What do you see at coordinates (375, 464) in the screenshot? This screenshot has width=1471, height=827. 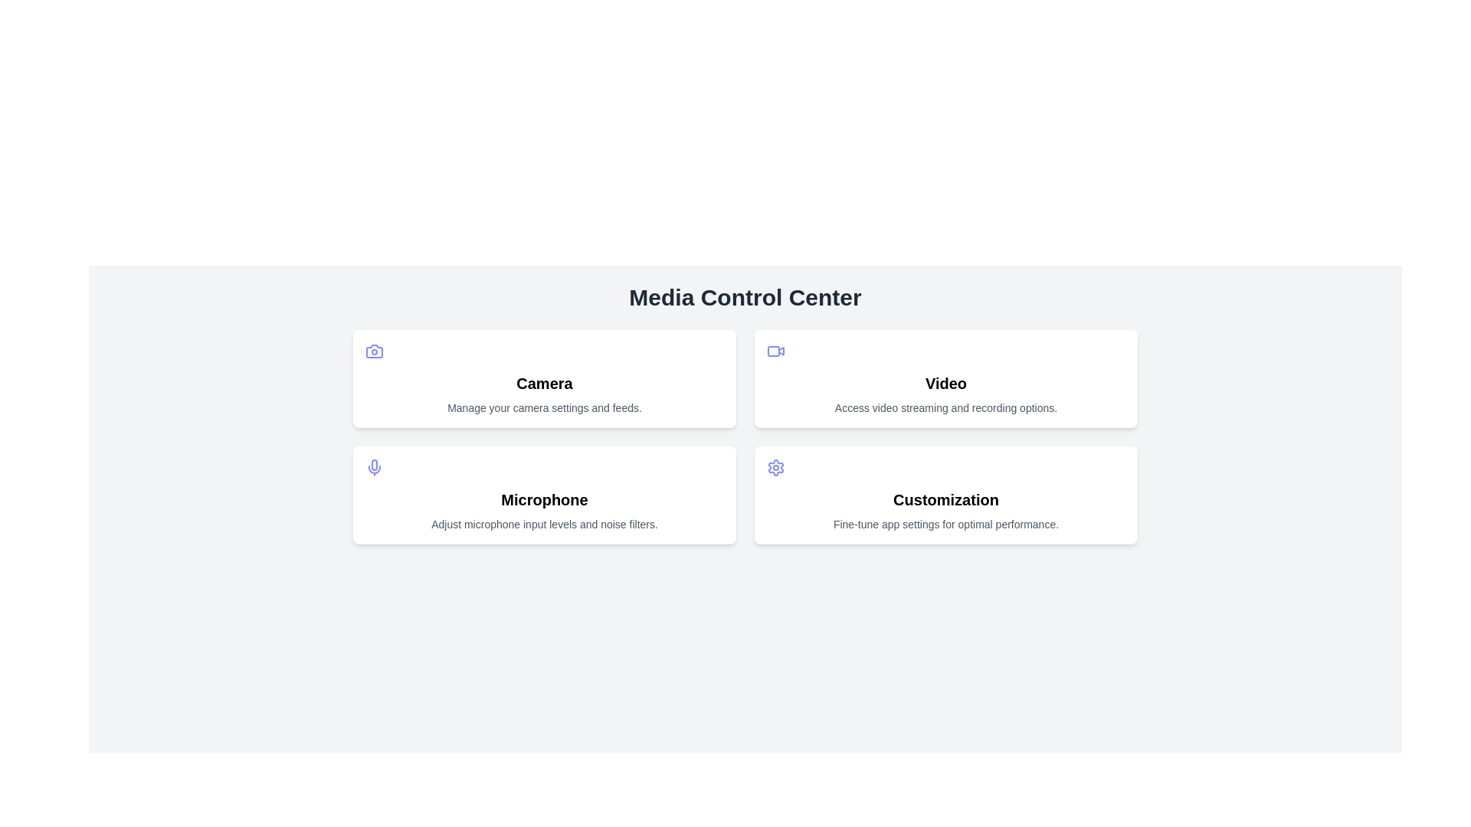 I see `the microphone icon, which is a graphical representation with a circular top and a straight body, located near the top left of the 'Microphone' tile in the 'Media Control Center'` at bounding box center [375, 464].